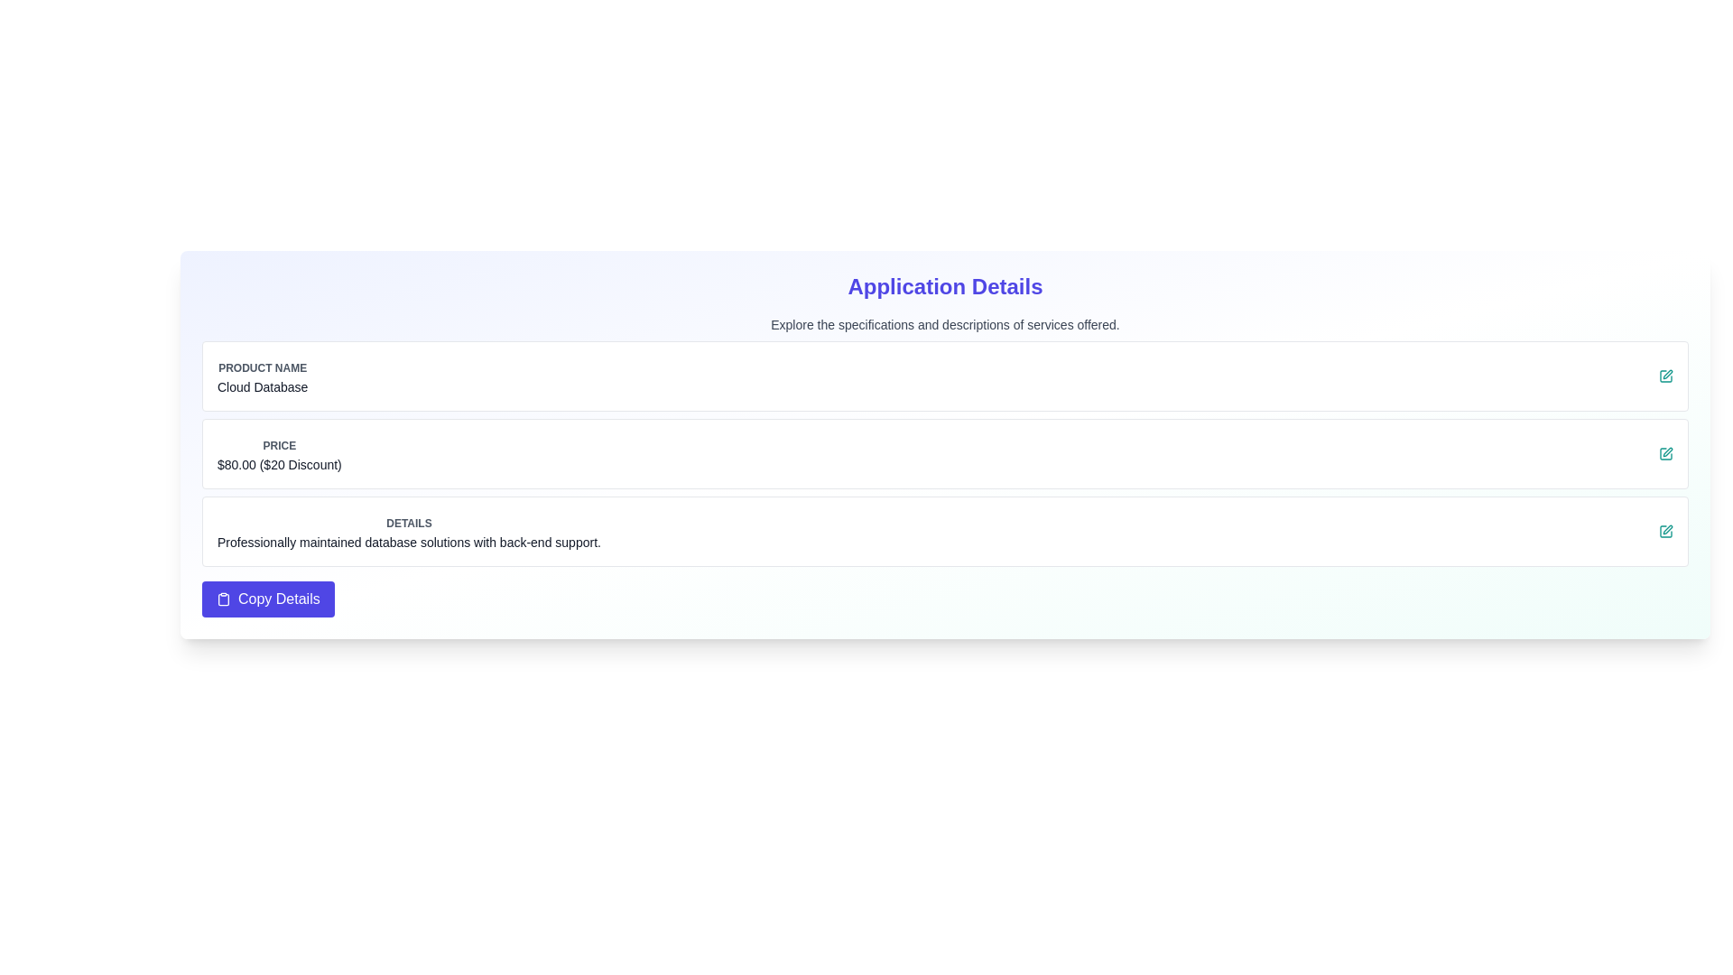  I want to click on the non-interactive Text label located at the bottom section of the interface, which serves as a heading for the following descriptive content about database solutions, so click(408, 523).